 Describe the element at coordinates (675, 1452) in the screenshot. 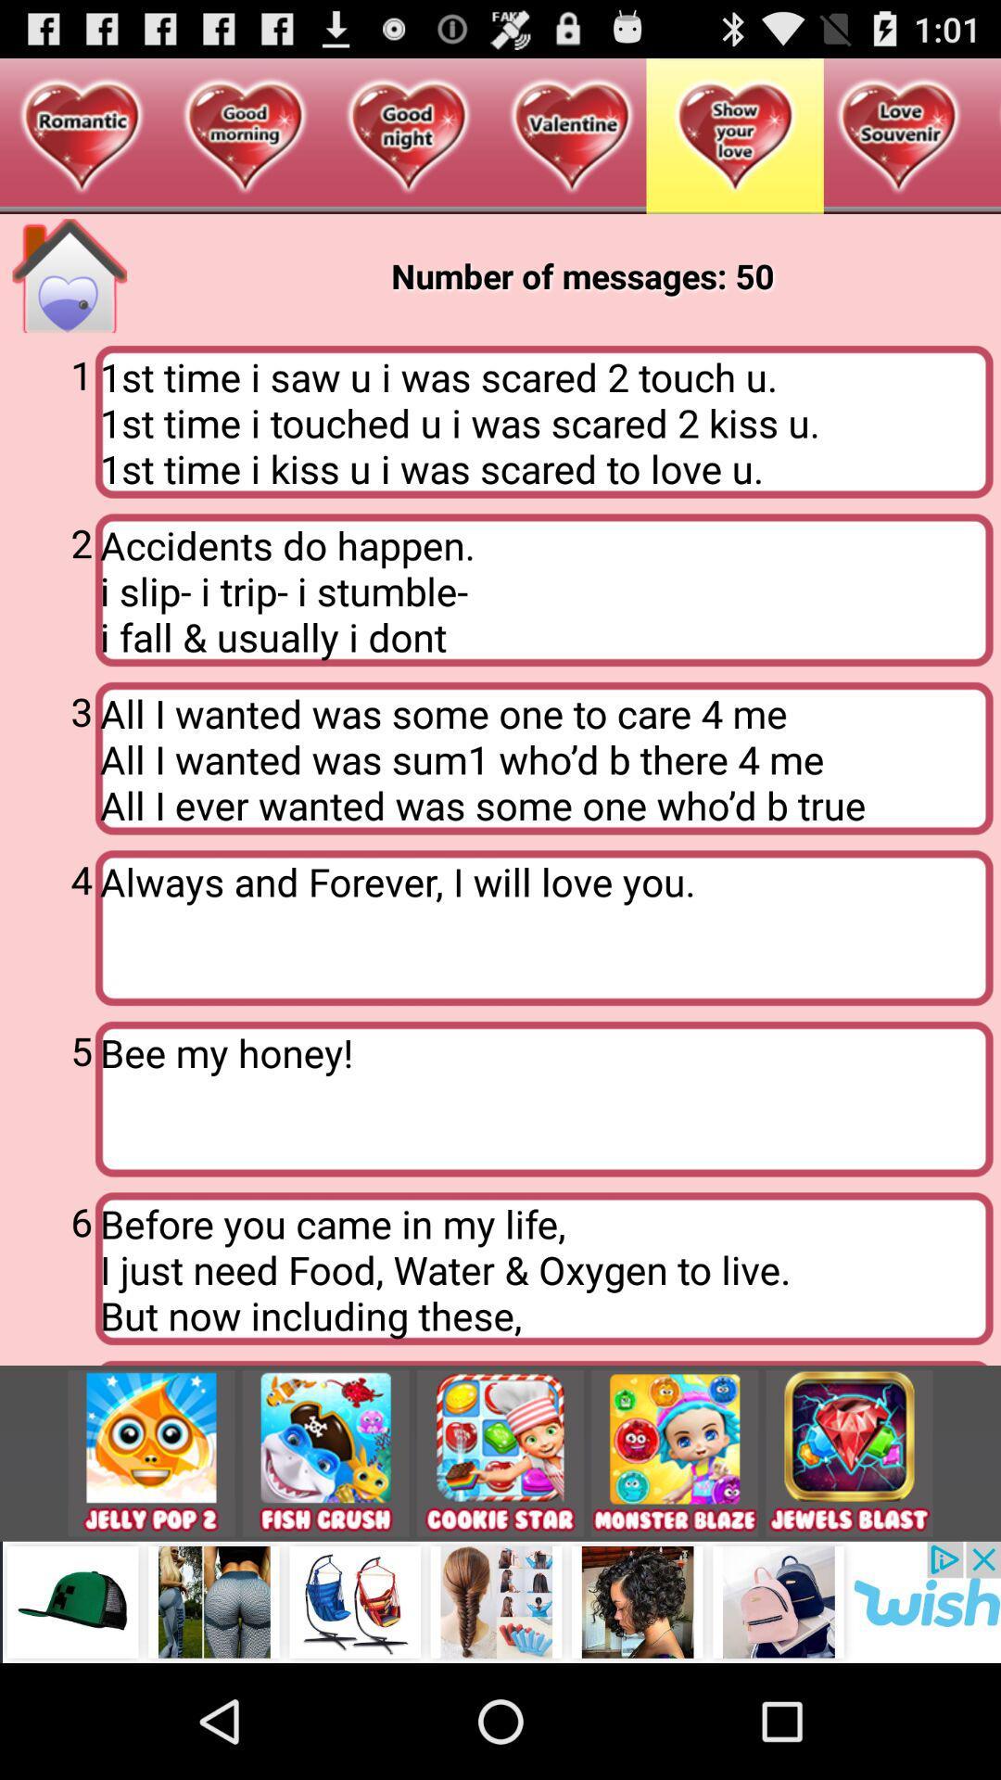

I see `choose a character` at that location.